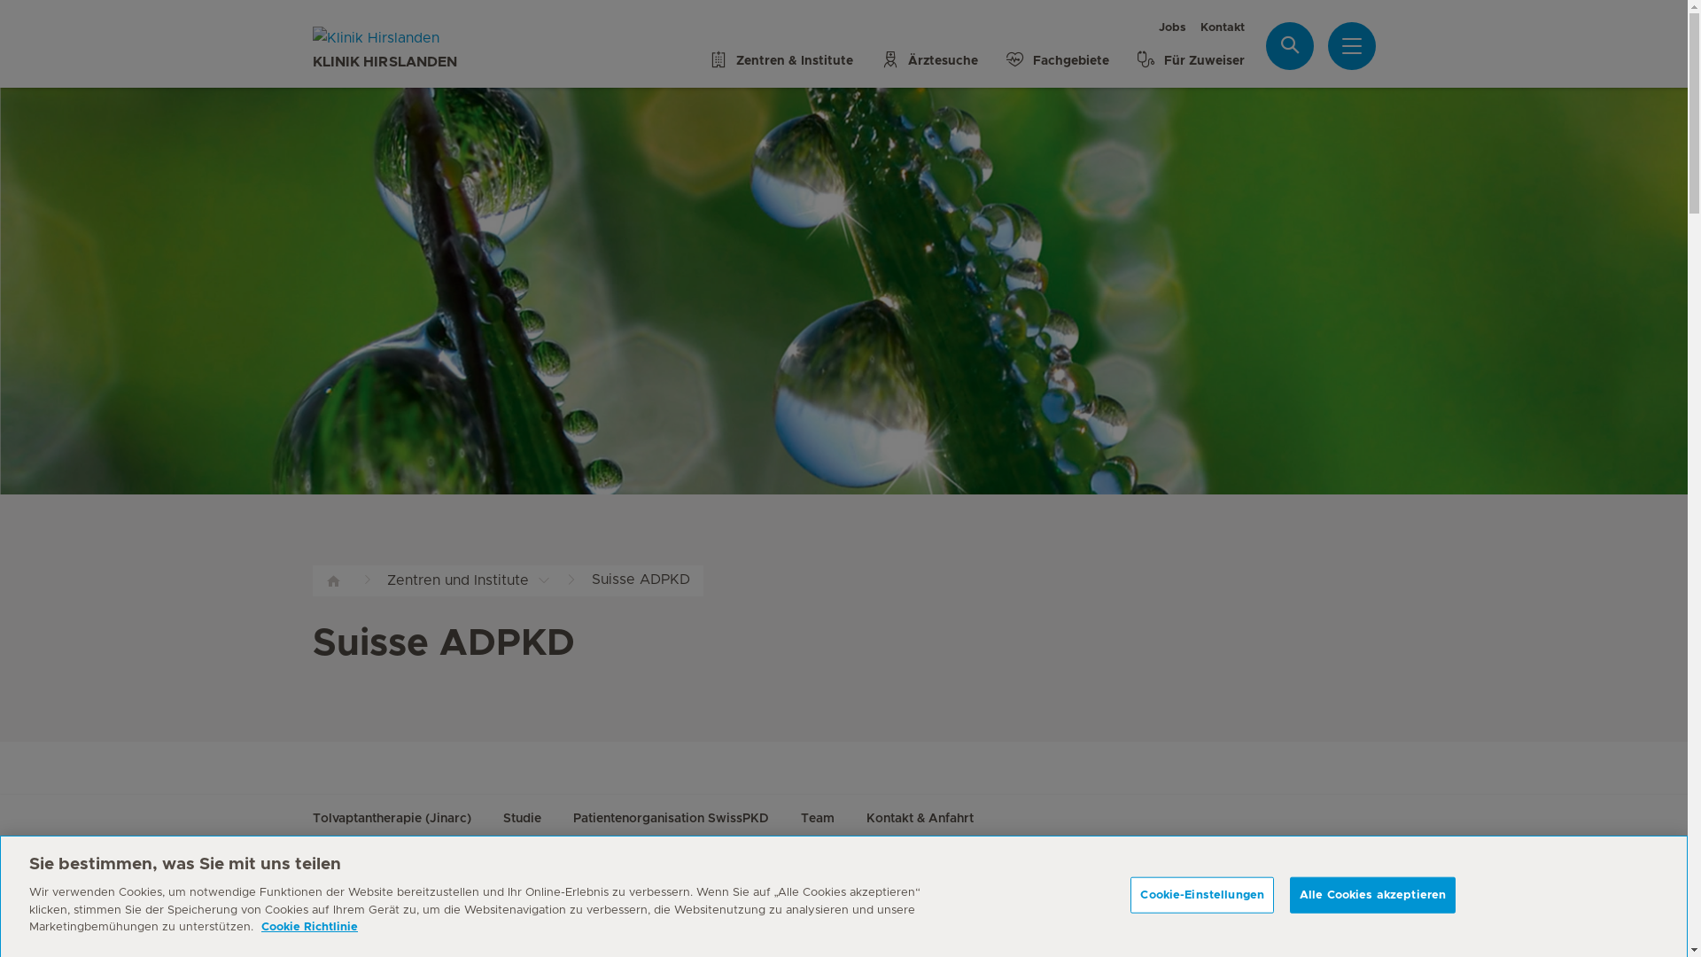 This screenshot has width=1701, height=957. What do you see at coordinates (385, 580) in the screenshot?
I see `'Zentren und Institute'` at bounding box center [385, 580].